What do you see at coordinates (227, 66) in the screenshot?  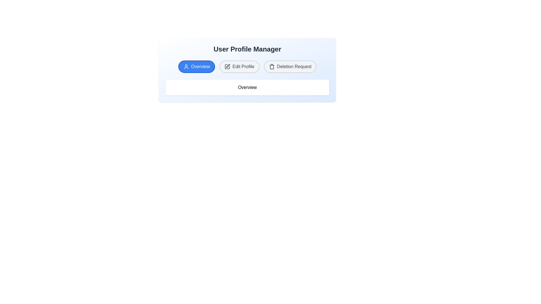 I see `the icon of the Edit Profile tab` at bounding box center [227, 66].